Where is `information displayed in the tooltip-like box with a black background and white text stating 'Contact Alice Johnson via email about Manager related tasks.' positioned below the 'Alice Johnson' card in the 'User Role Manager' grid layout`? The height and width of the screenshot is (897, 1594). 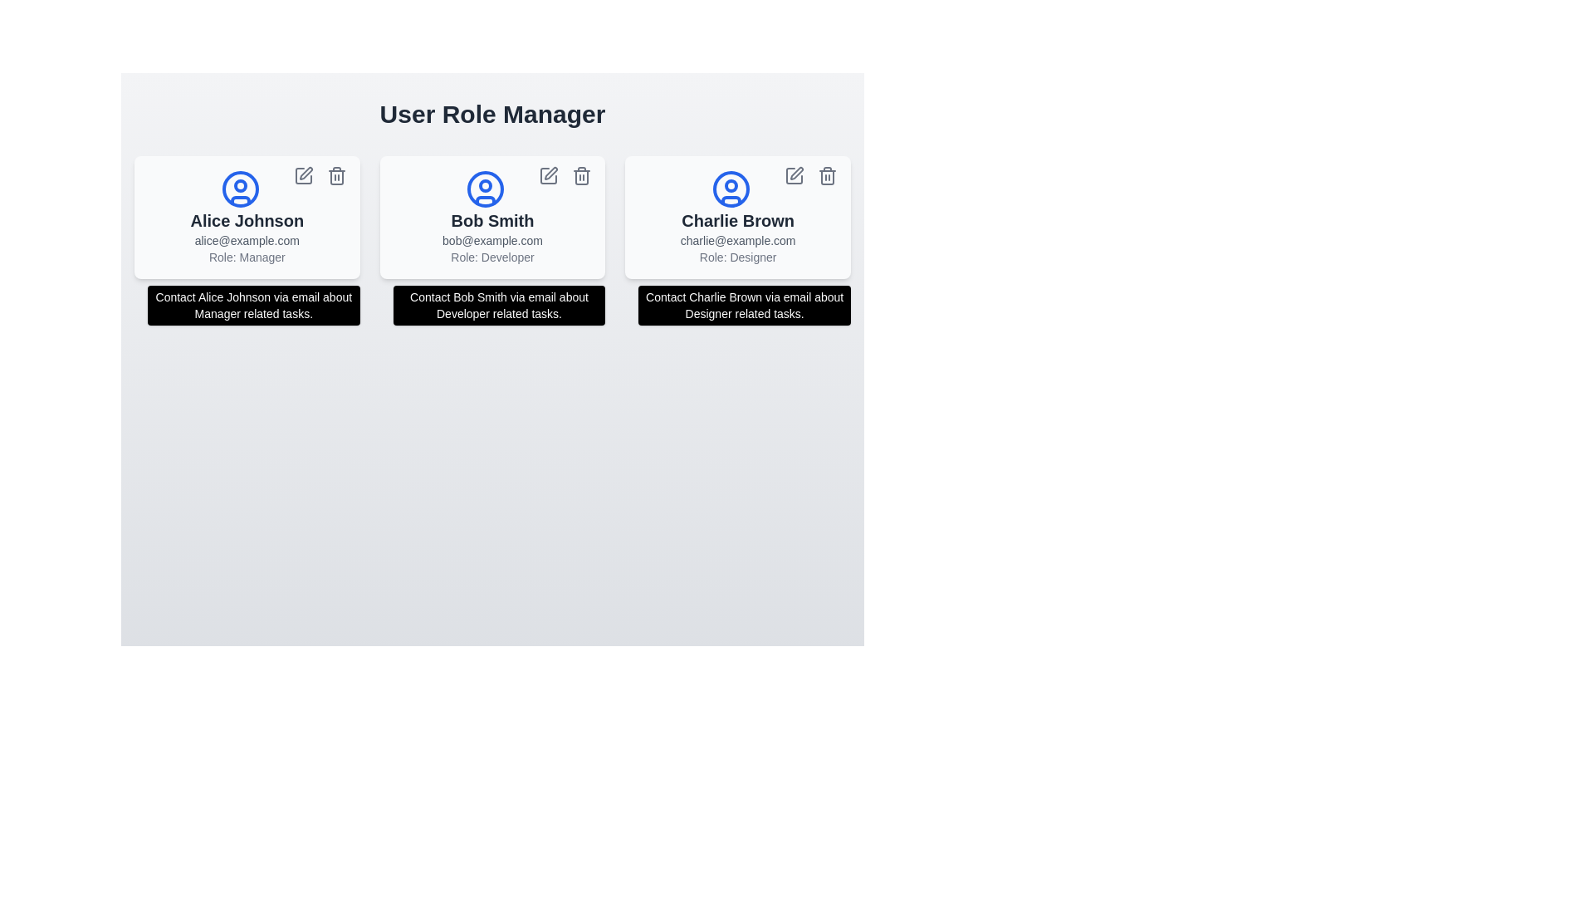 information displayed in the tooltip-like box with a black background and white text stating 'Contact Alice Johnson via email about Manager related tasks.' positioned below the 'Alice Johnson' card in the 'User Role Manager' grid layout is located at coordinates (252, 305).